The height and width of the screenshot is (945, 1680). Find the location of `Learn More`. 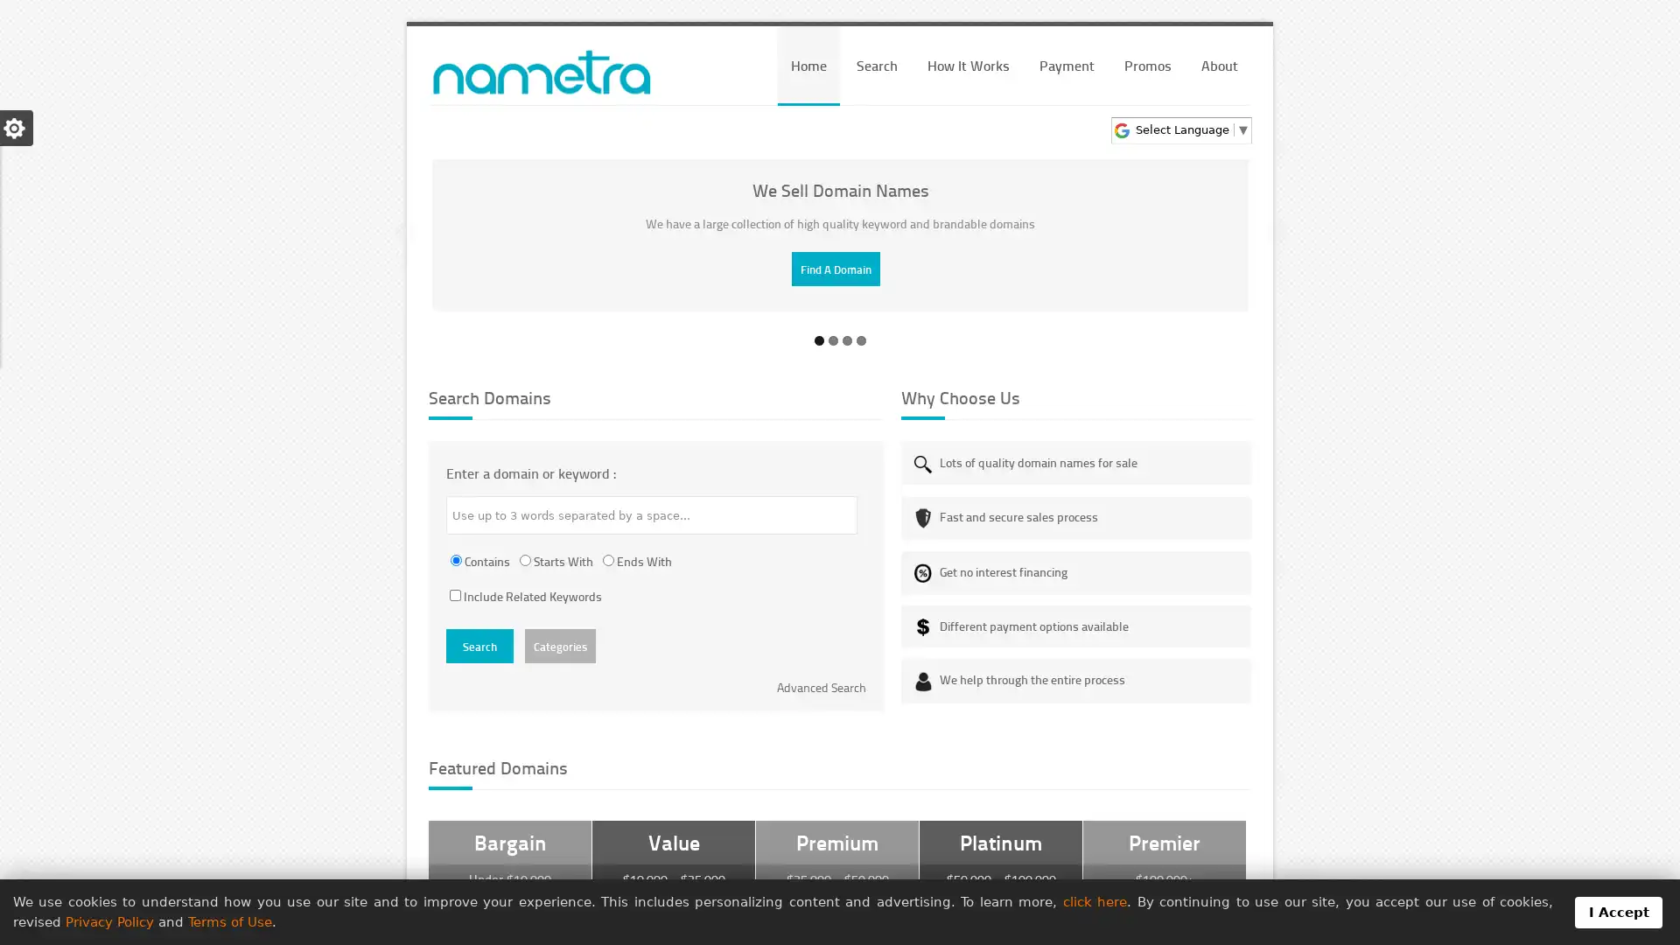

Learn More is located at coordinates (835, 269).